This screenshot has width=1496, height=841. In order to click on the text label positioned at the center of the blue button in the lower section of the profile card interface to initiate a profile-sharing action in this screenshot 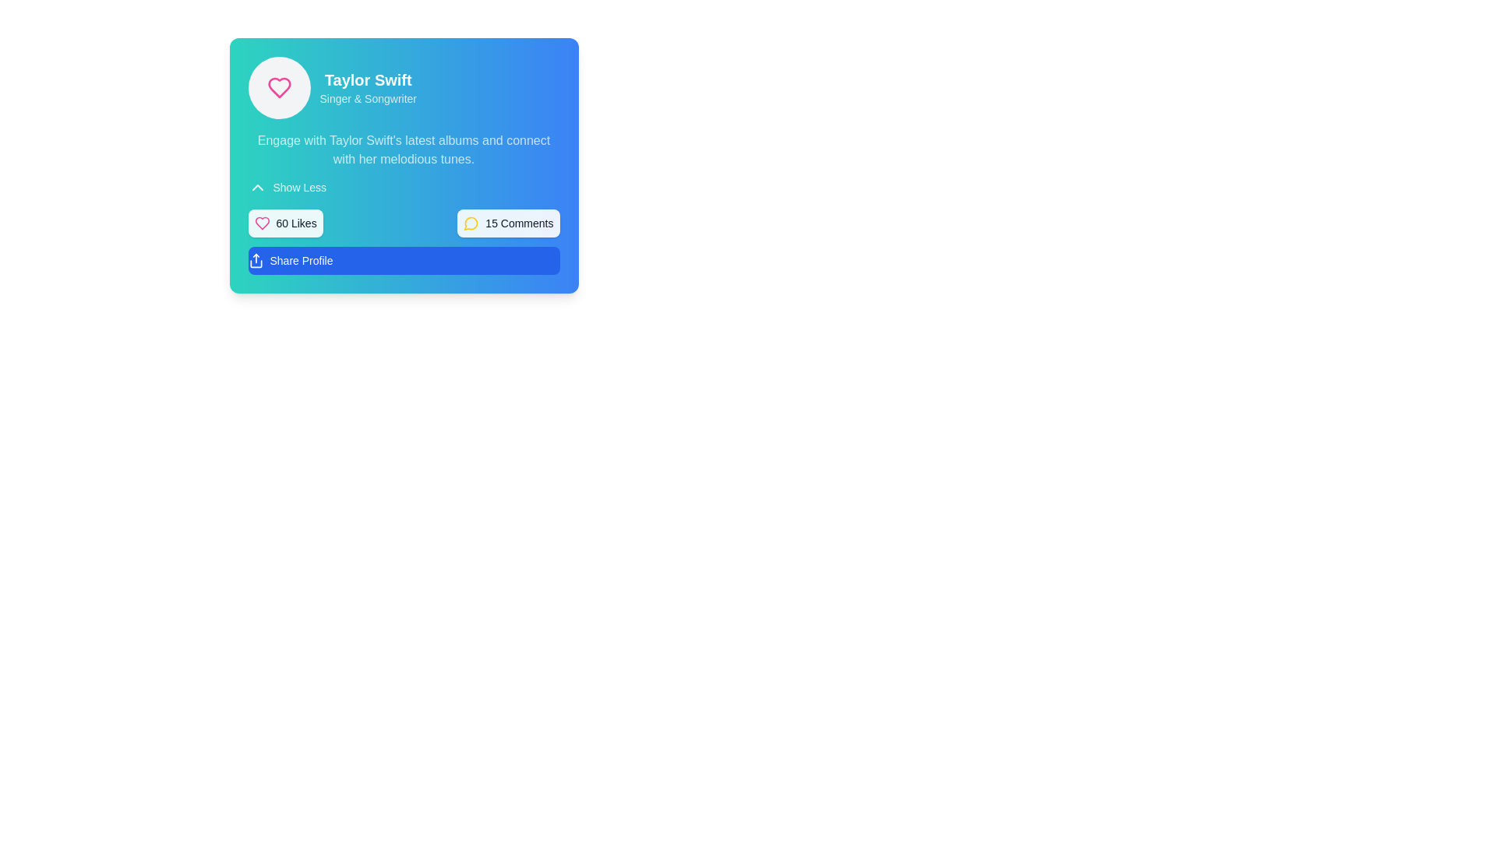, I will do `click(301, 260)`.